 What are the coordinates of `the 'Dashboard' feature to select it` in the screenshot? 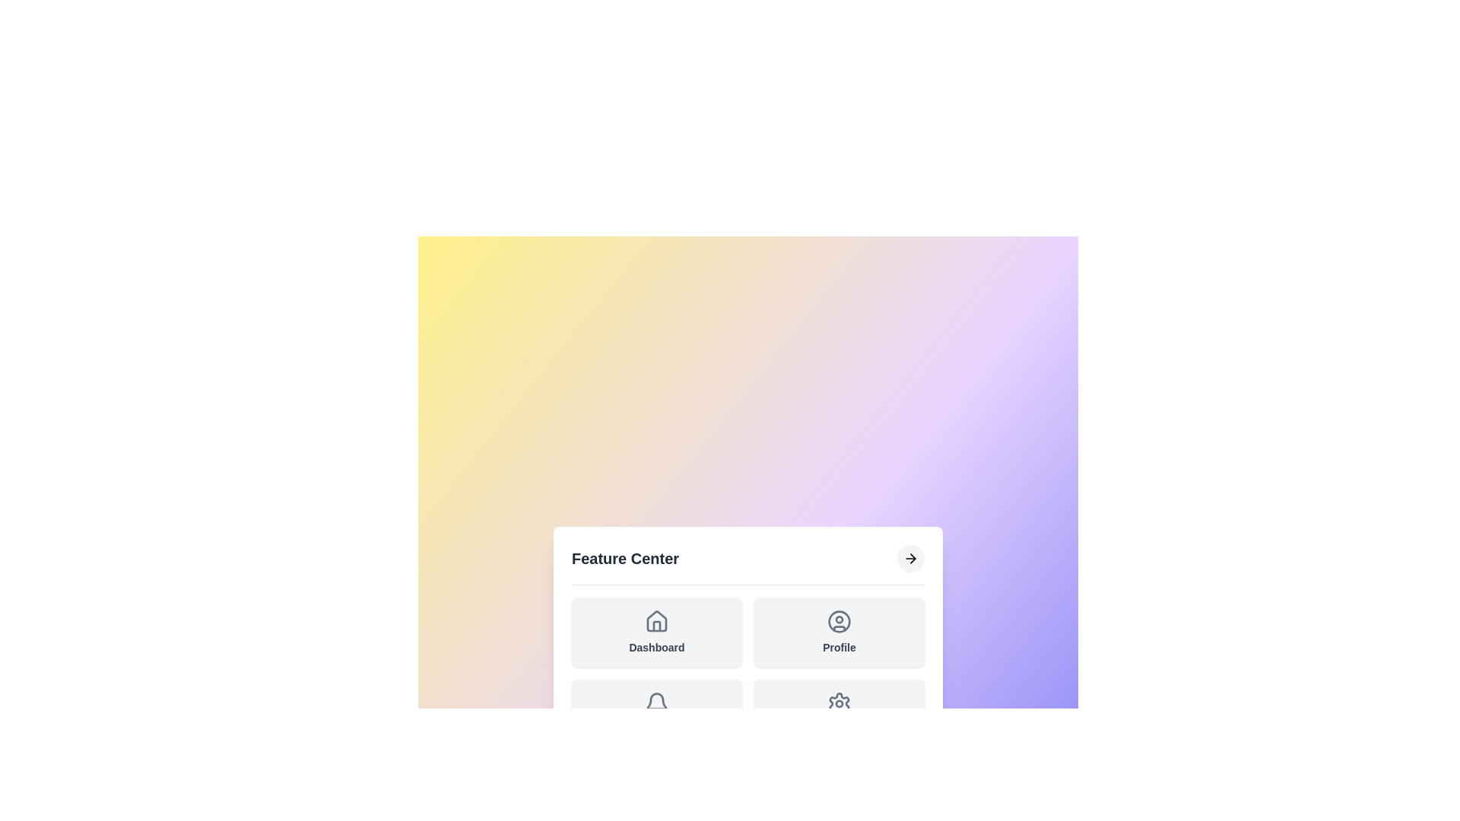 It's located at (657, 632).